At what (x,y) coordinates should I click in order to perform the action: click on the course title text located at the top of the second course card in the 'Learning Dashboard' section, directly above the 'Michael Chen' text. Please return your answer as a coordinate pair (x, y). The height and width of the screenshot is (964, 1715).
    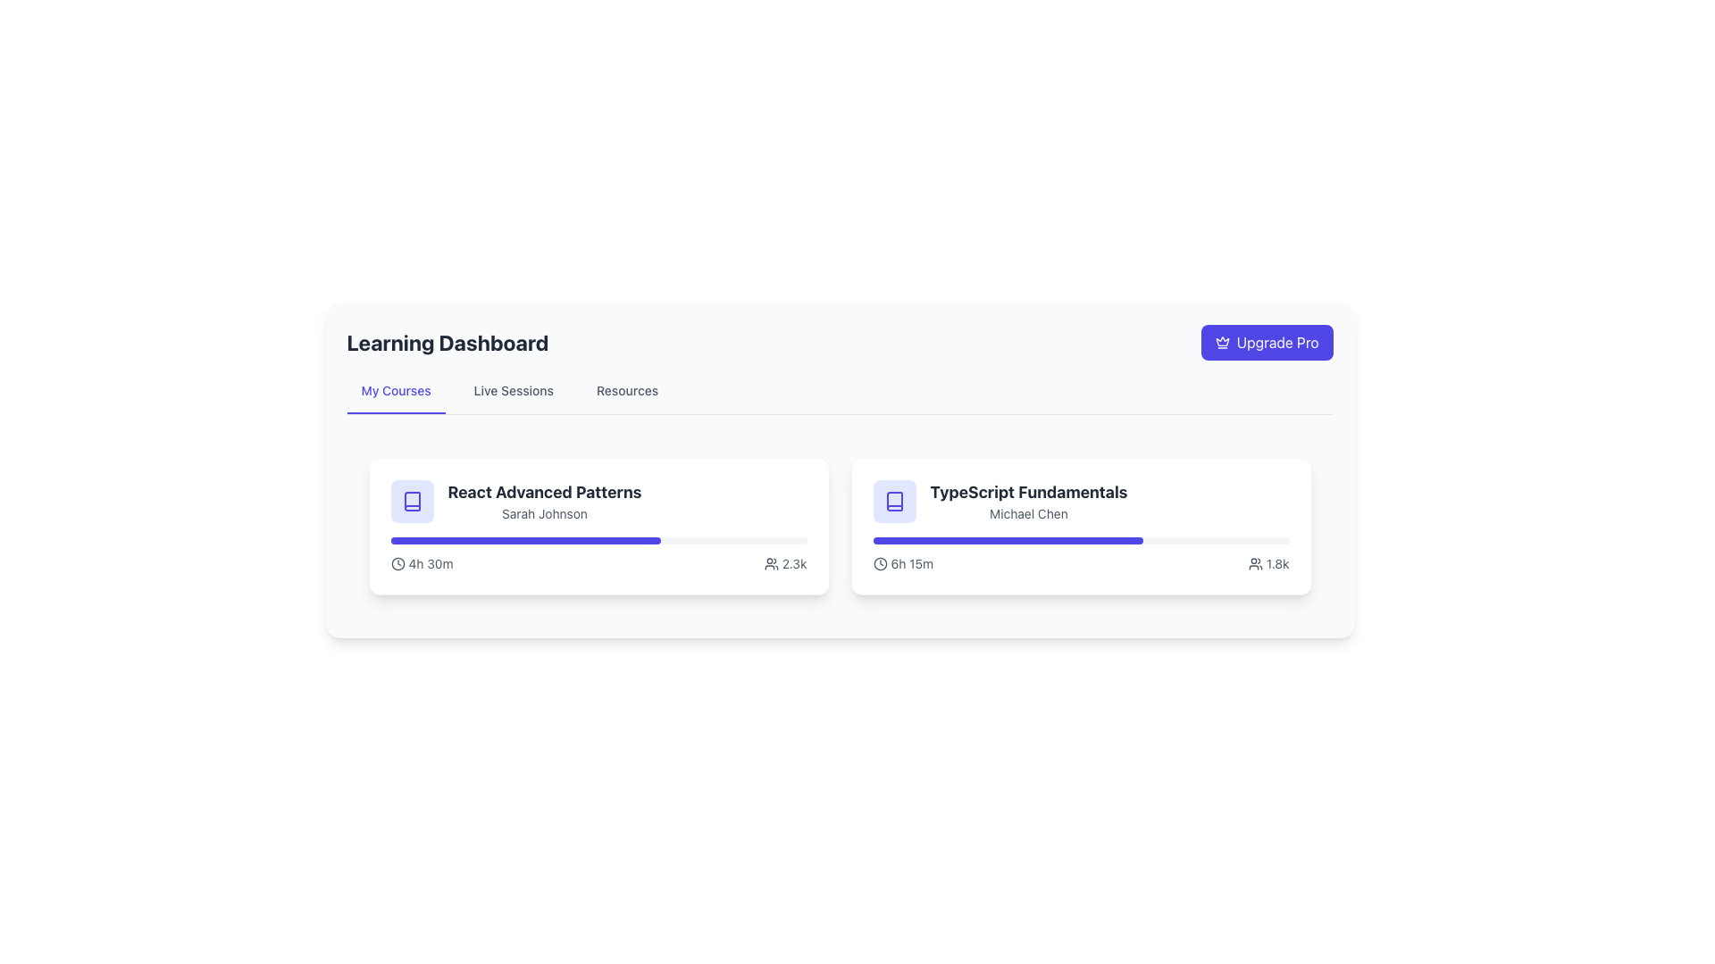
    Looking at the image, I should click on (1029, 492).